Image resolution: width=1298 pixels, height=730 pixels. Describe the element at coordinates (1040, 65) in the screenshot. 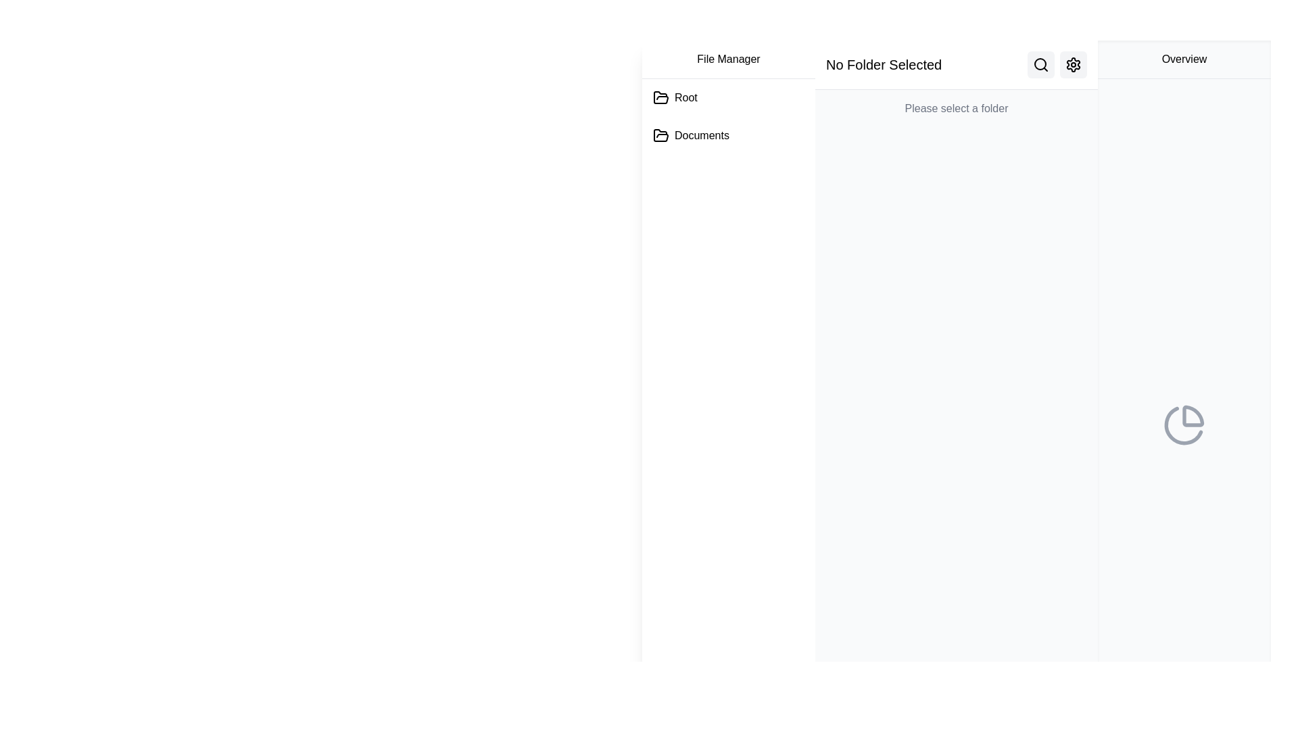

I see `the magnifying glass icon button in the top-right section of the user interface` at that location.